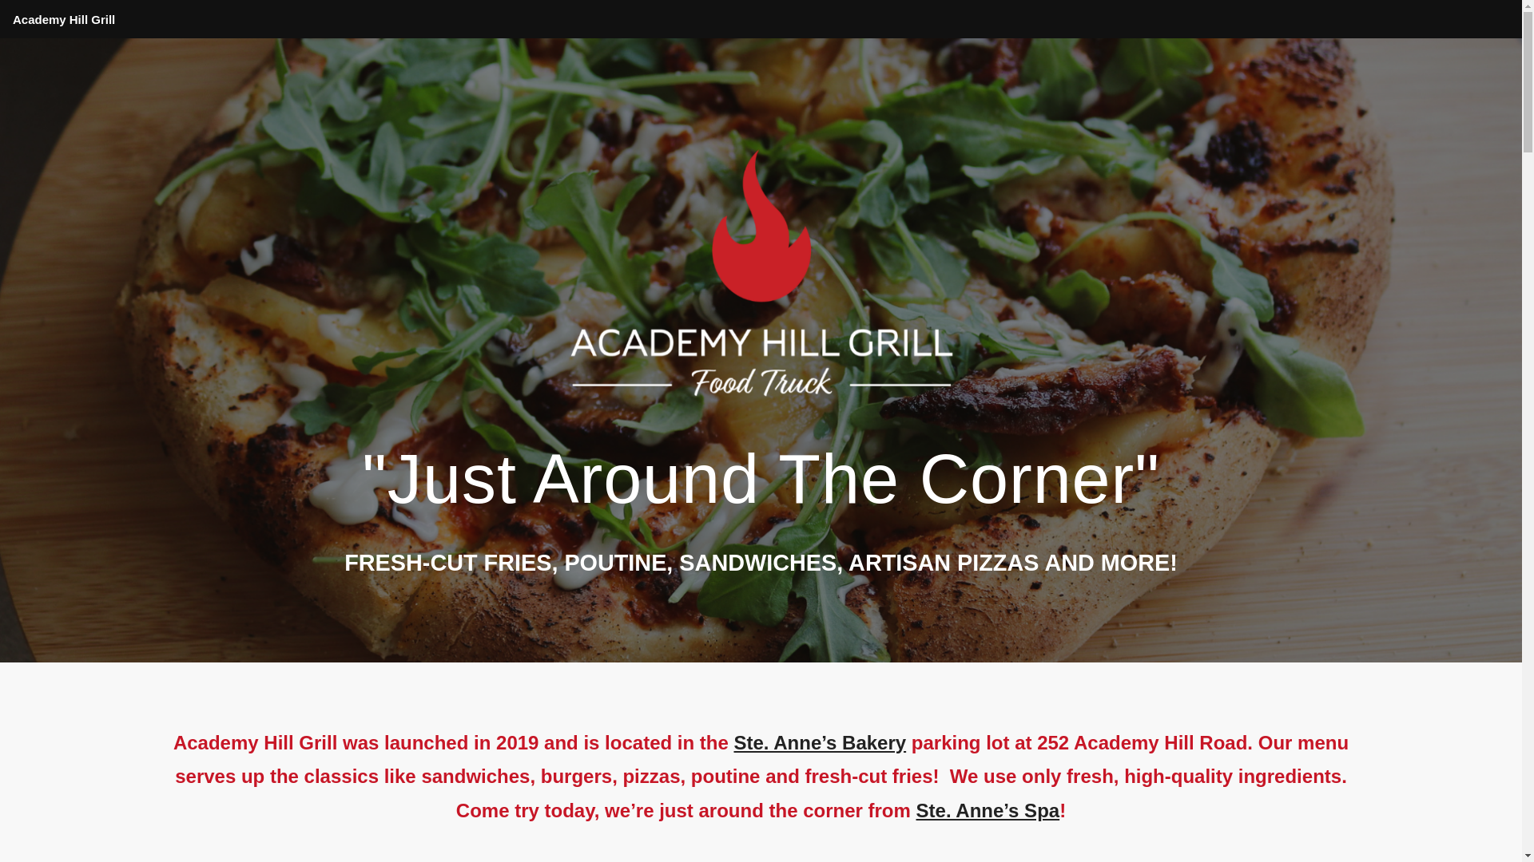  What do you see at coordinates (64, 19) in the screenshot?
I see `'Academy Hill Grill'` at bounding box center [64, 19].